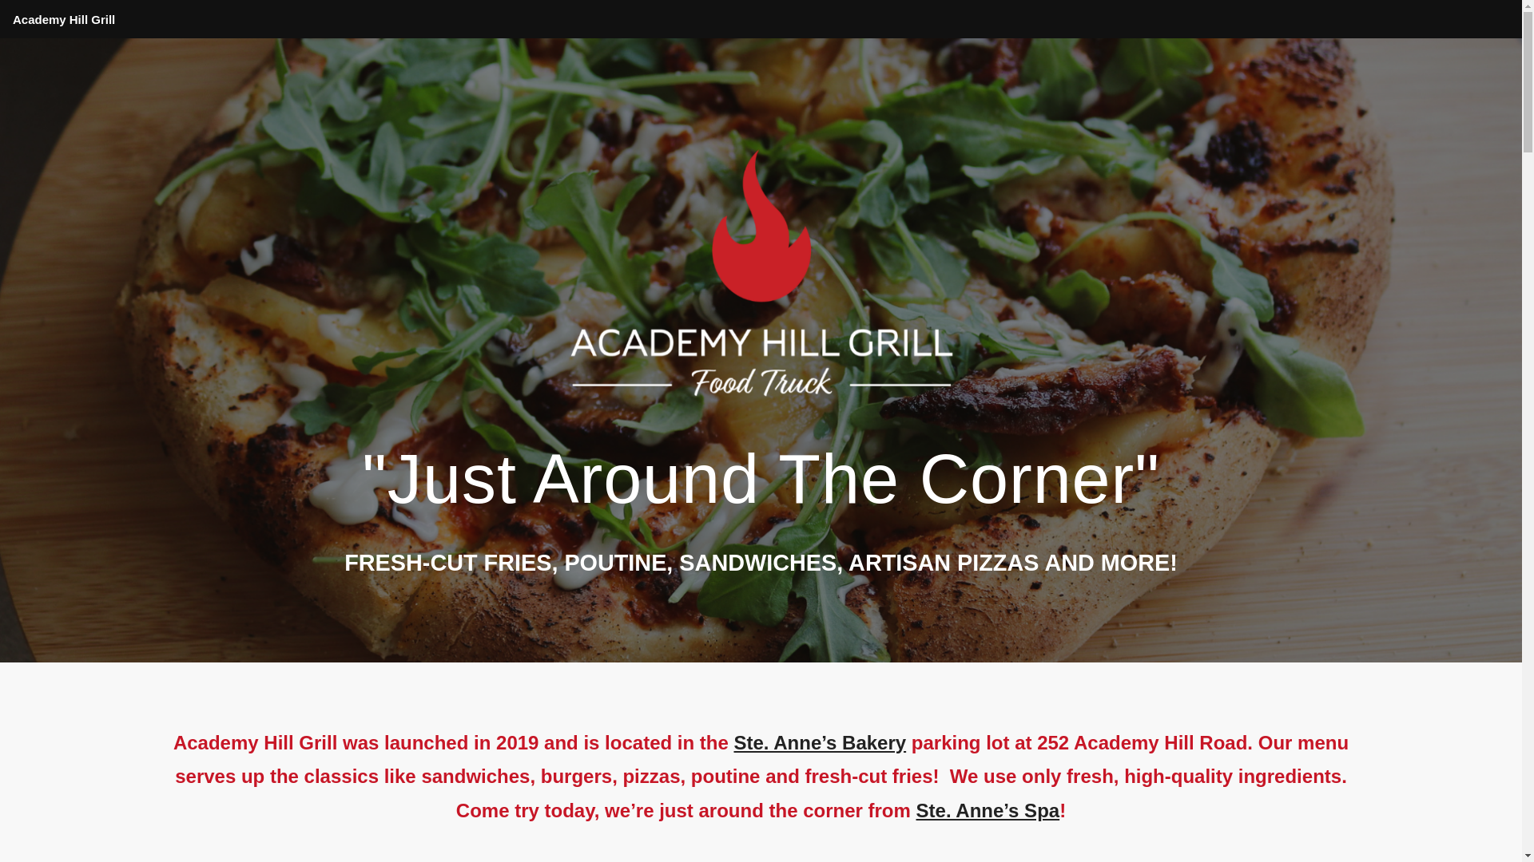  What do you see at coordinates (64, 19) in the screenshot?
I see `'Academy Hill Grill'` at bounding box center [64, 19].